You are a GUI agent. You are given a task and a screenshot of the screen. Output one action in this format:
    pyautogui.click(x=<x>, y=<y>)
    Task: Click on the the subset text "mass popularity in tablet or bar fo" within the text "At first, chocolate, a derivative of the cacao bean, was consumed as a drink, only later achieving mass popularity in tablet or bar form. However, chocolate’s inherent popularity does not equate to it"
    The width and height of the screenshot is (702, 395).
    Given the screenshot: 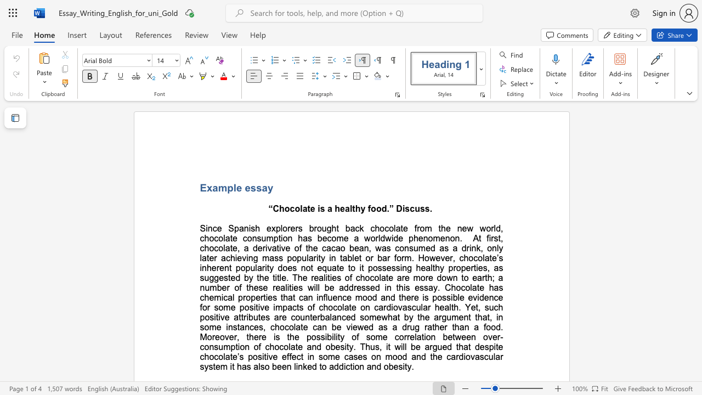 What is the action you would take?
    pyautogui.click(x=261, y=258)
    